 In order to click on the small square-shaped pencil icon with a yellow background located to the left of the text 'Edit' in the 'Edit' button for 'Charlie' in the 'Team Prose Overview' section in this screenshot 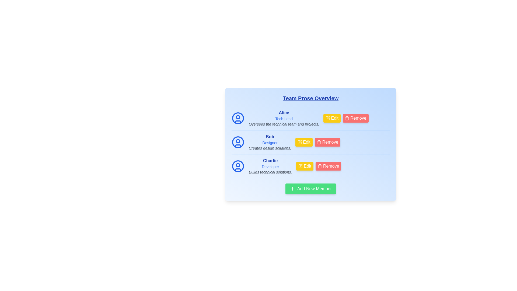, I will do `click(300, 166)`.